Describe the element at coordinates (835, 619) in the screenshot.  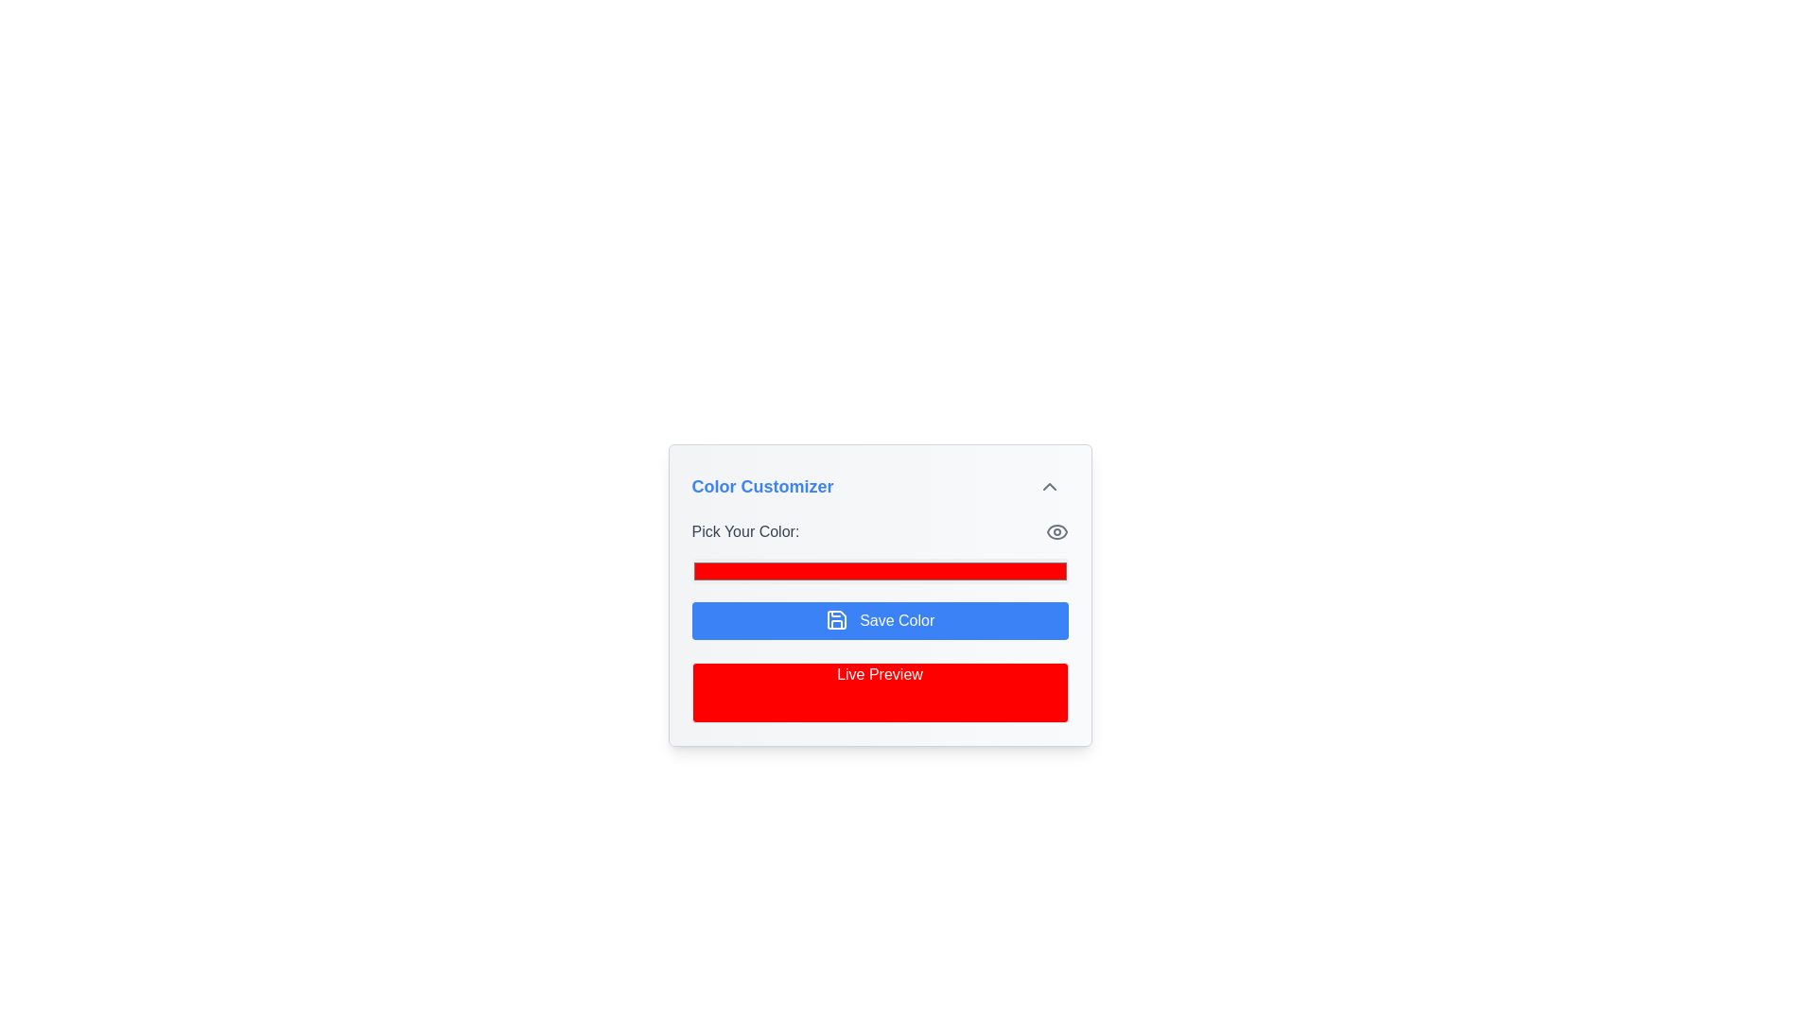
I see `the top-left component of the floppy disk icon located inside the blue 'Save Color' button, which is centrally positioned beneath the color picker interface` at that location.